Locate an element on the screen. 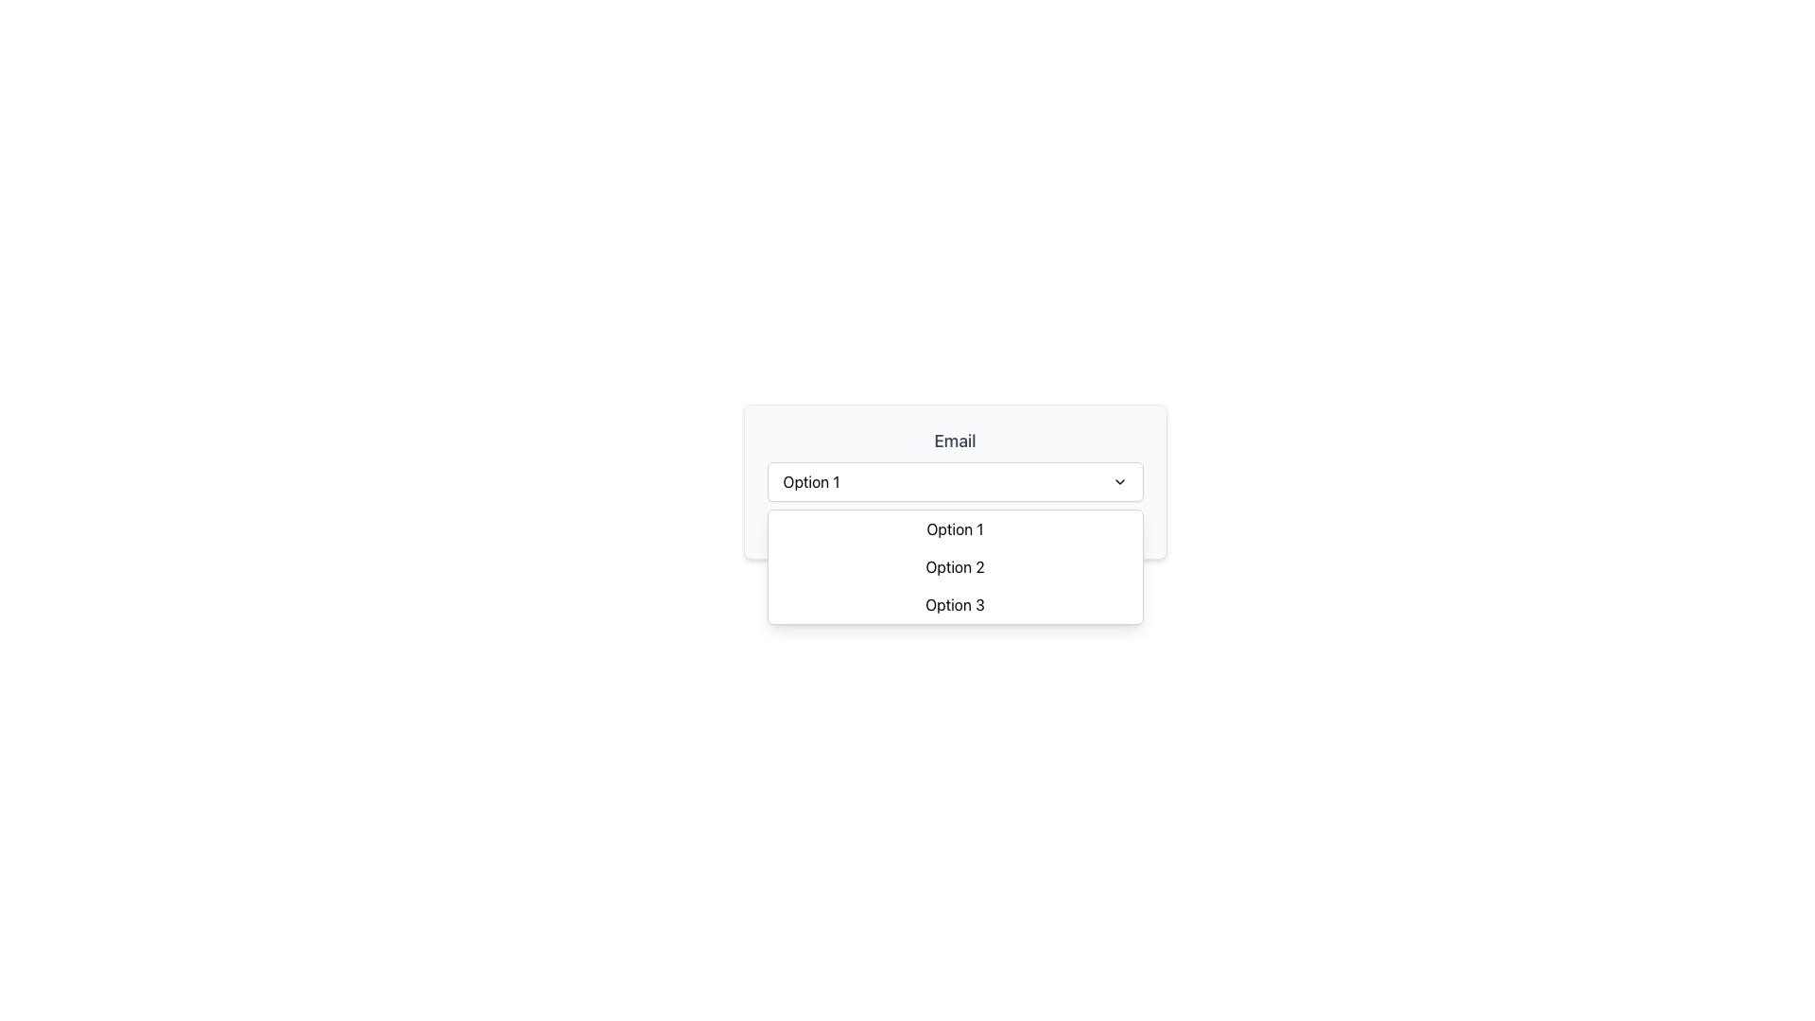 The height and width of the screenshot is (1021, 1815). the second item in the dropdown menu located below the 'Email' control is located at coordinates (955, 566).